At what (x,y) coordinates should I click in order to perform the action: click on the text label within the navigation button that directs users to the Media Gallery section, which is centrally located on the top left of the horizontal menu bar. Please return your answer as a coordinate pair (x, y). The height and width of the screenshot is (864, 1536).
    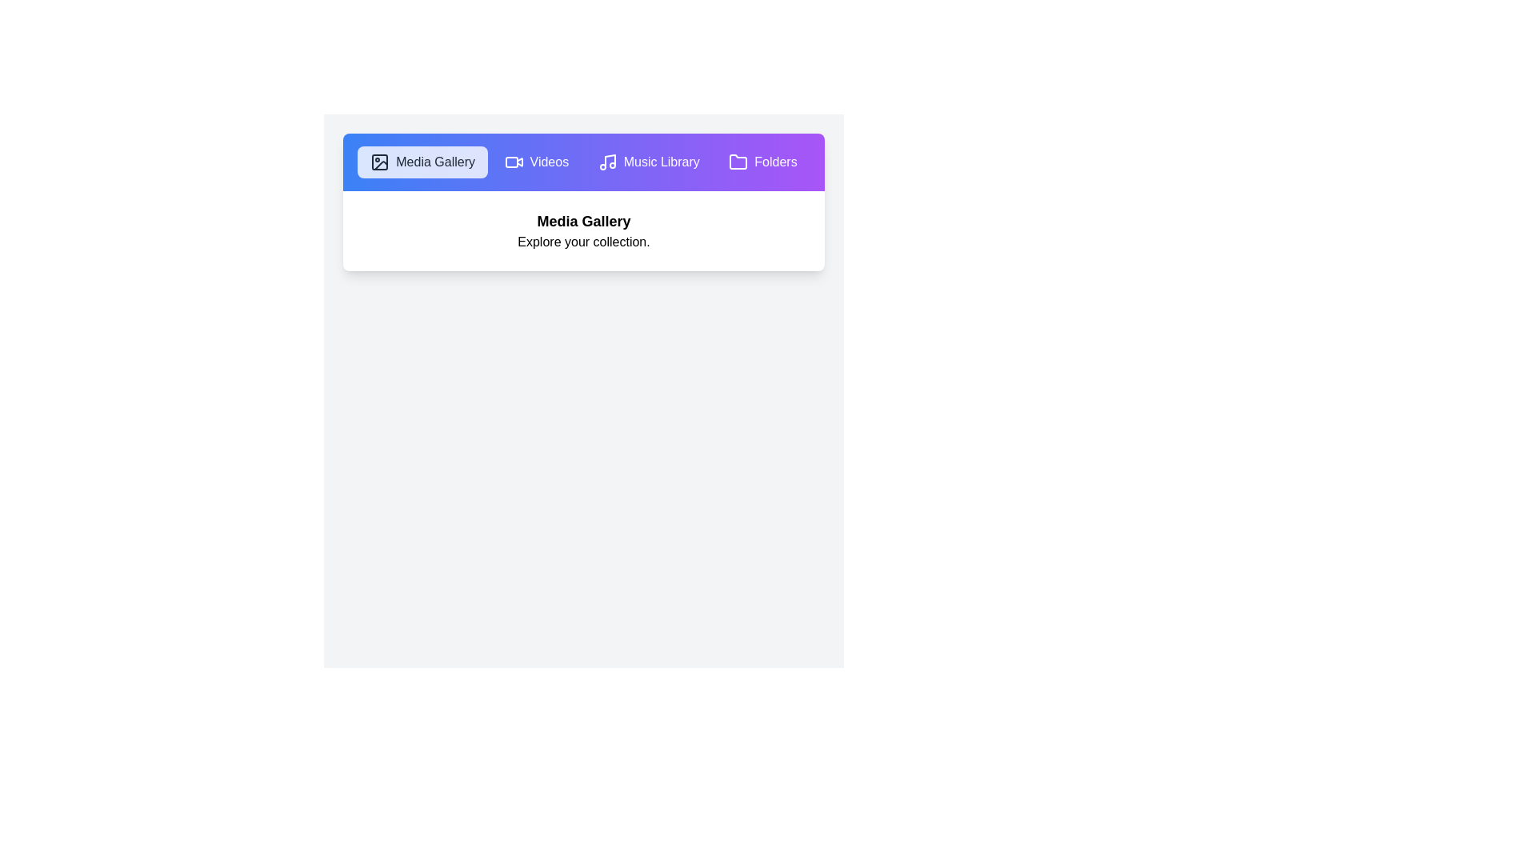
    Looking at the image, I should click on (435, 162).